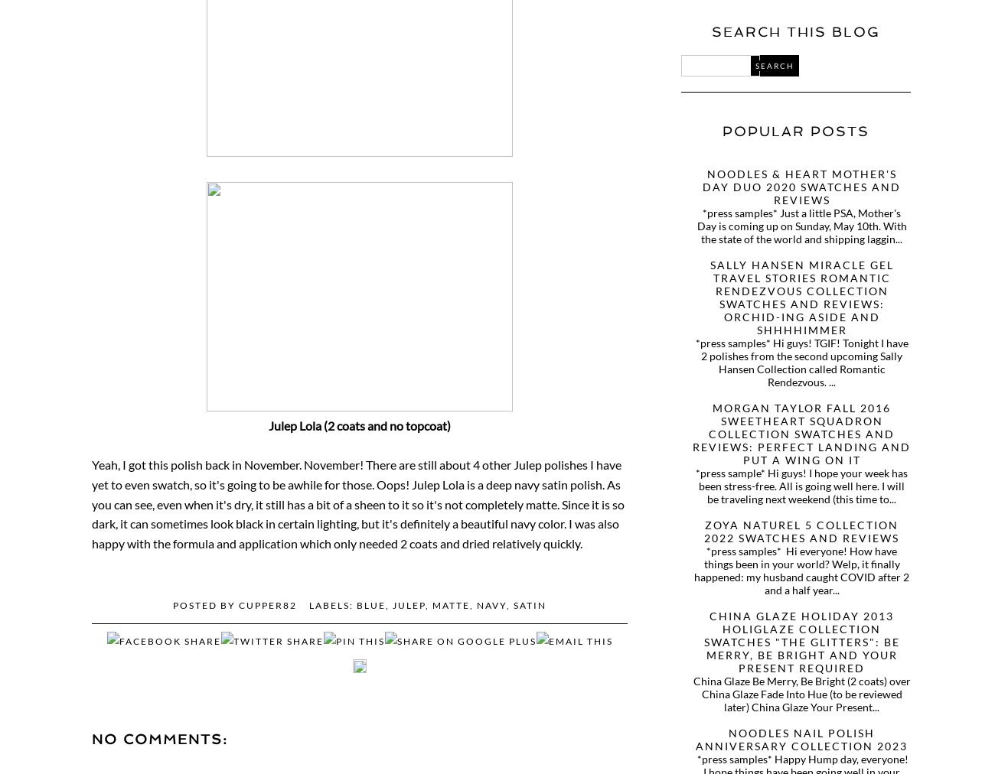  What do you see at coordinates (513, 604) in the screenshot?
I see `'satin'` at bounding box center [513, 604].